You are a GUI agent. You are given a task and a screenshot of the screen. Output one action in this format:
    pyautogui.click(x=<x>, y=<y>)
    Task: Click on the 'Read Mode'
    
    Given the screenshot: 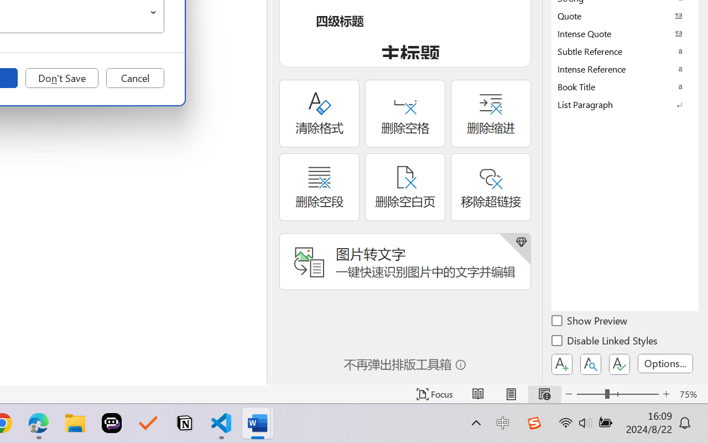 What is the action you would take?
    pyautogui.click(x=478, y=394)
    